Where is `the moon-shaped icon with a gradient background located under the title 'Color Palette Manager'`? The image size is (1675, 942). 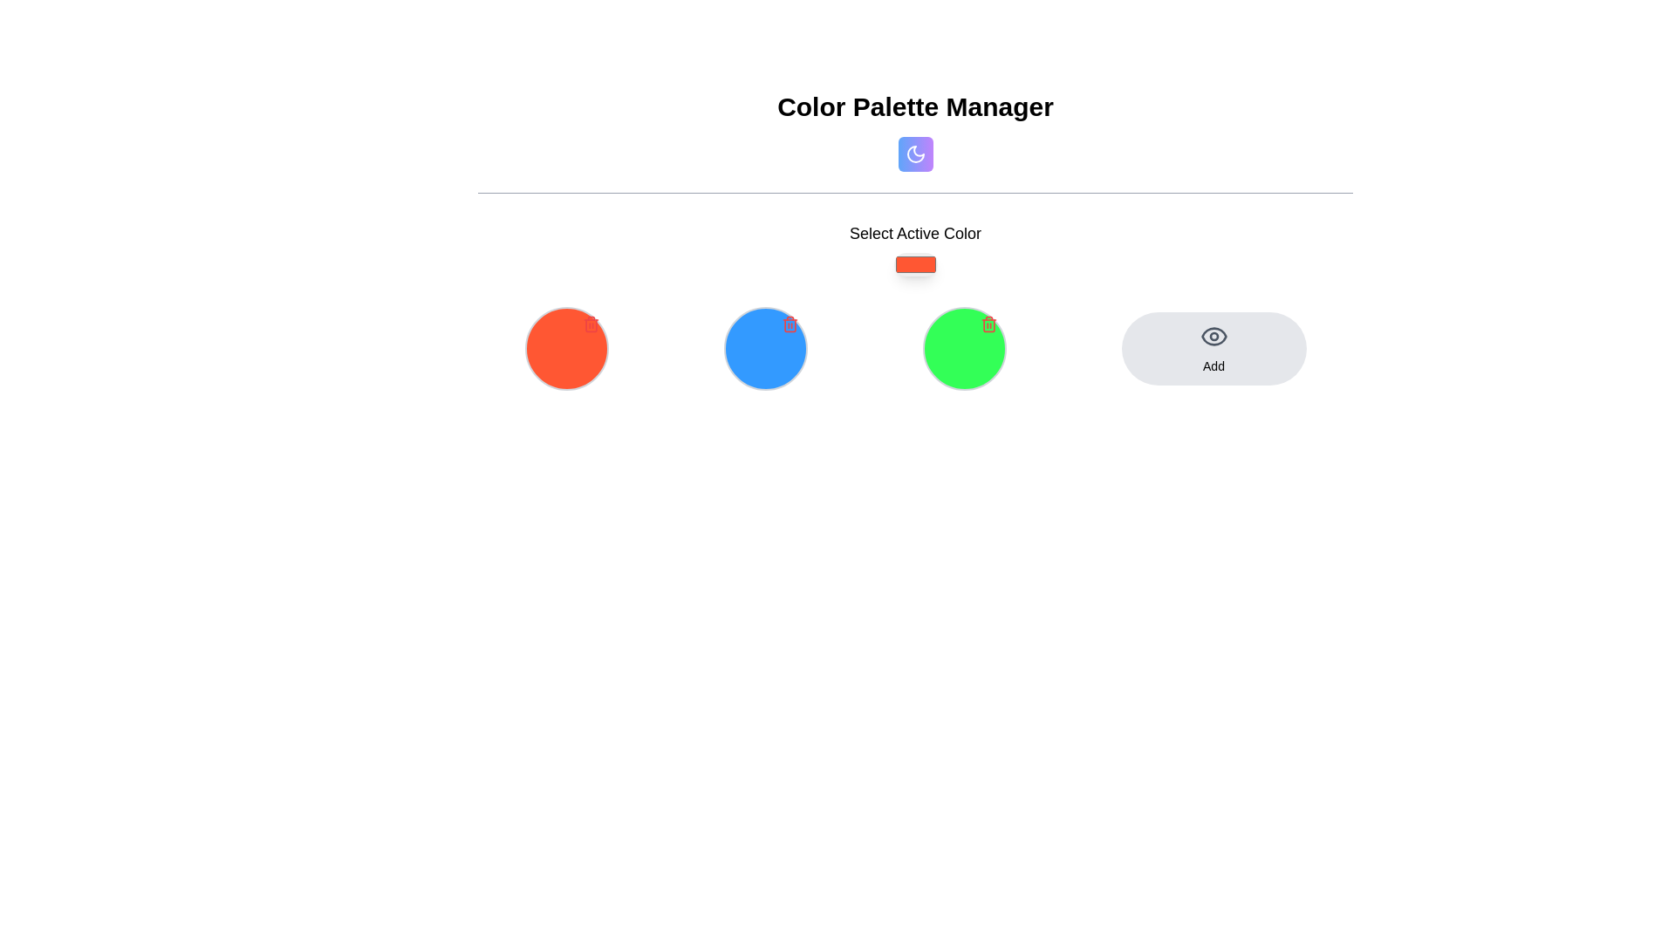
the moon-shaped icon with a gradient background located under the title 'Color Palette Manager' is located at coordinates (914, 154).